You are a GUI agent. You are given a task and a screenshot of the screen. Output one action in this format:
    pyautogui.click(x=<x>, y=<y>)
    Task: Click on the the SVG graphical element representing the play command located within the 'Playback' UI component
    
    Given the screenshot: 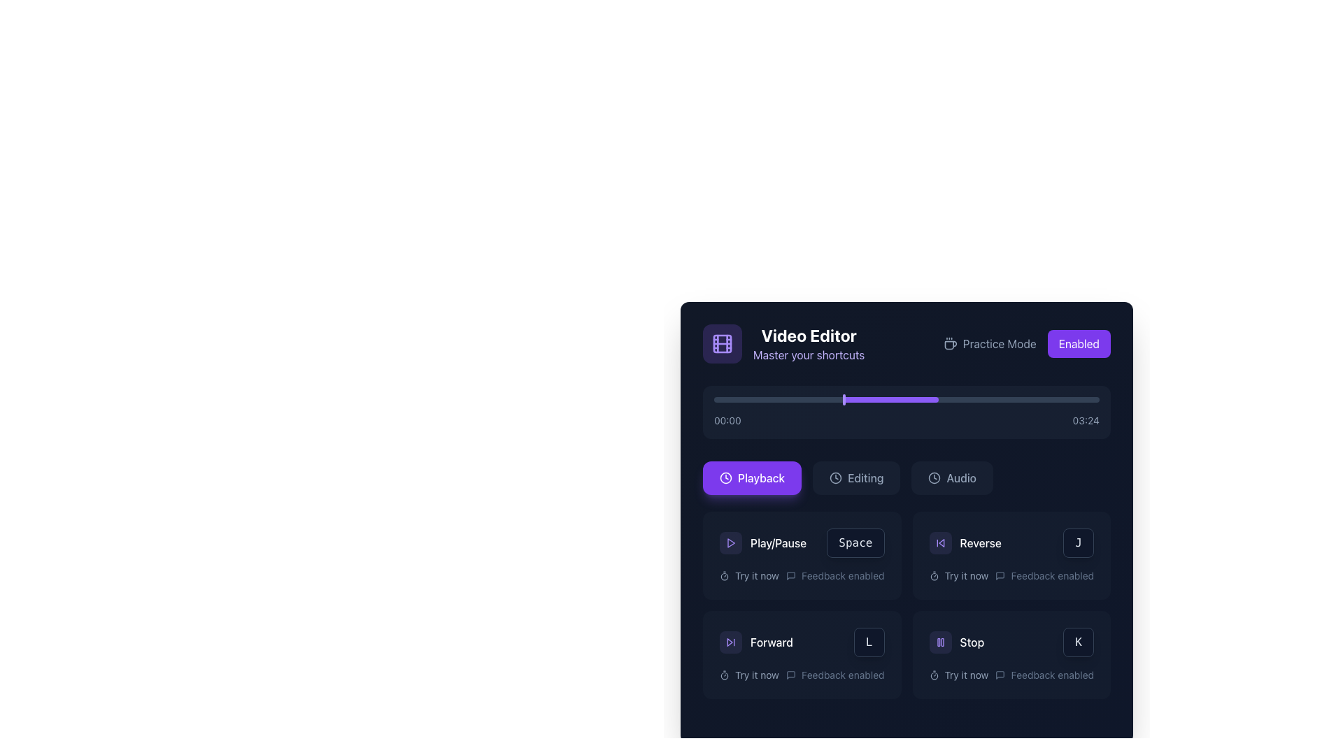 What is the action you would take?
    pyautogui.click(x=730, y=542)
    